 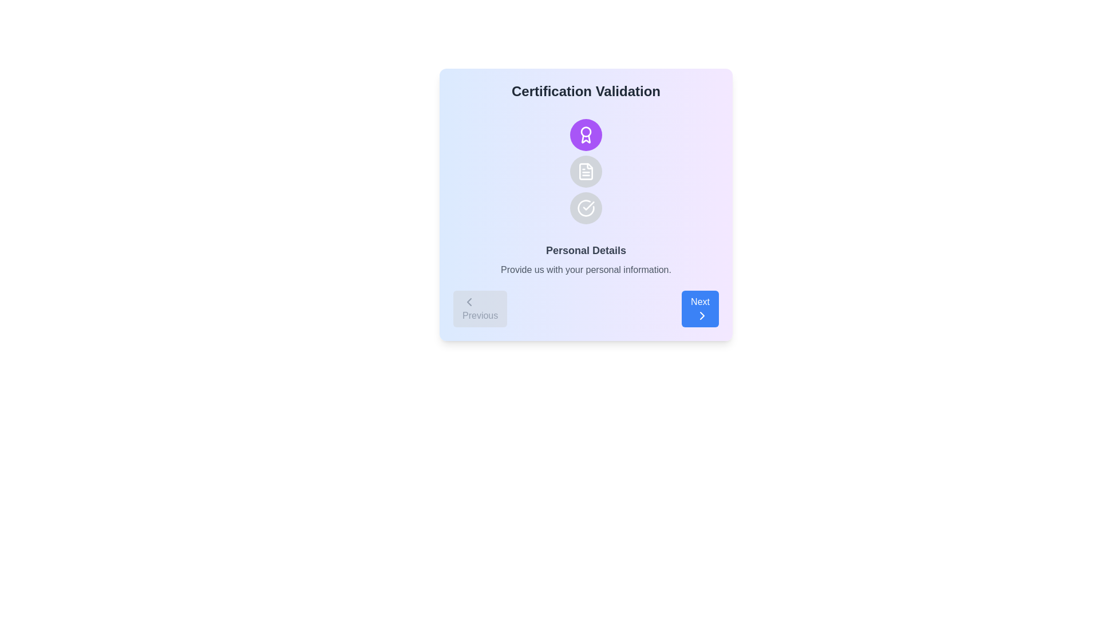 What do you see at coordinates (586, 270) in the screenshot?
I see `the informational text element located below the 'Personal Details' title, which provides guidance on personal information input` at bounding box center [586, 270].